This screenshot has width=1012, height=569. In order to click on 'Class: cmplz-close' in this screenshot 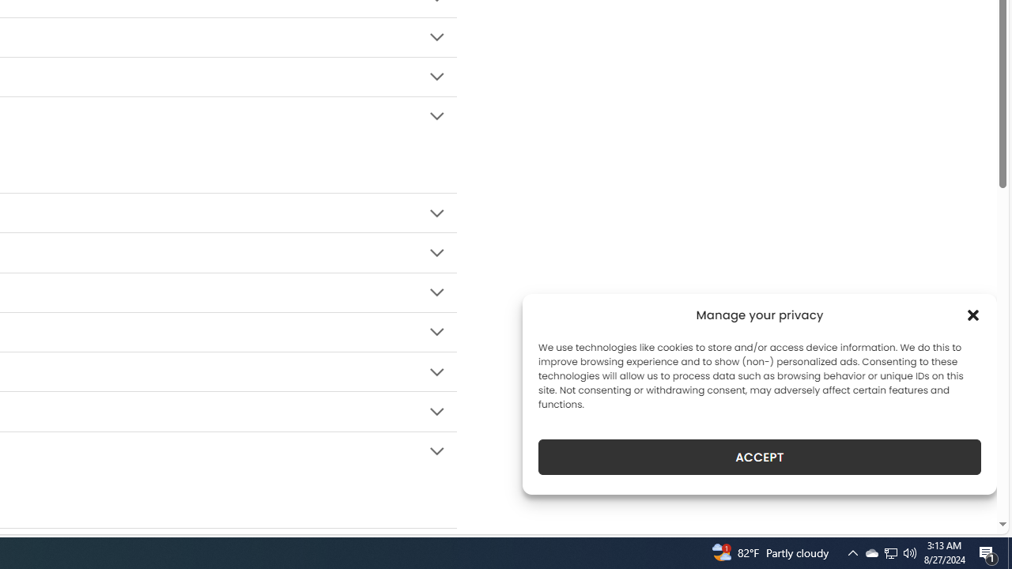, I will do `click(972, 315)`.